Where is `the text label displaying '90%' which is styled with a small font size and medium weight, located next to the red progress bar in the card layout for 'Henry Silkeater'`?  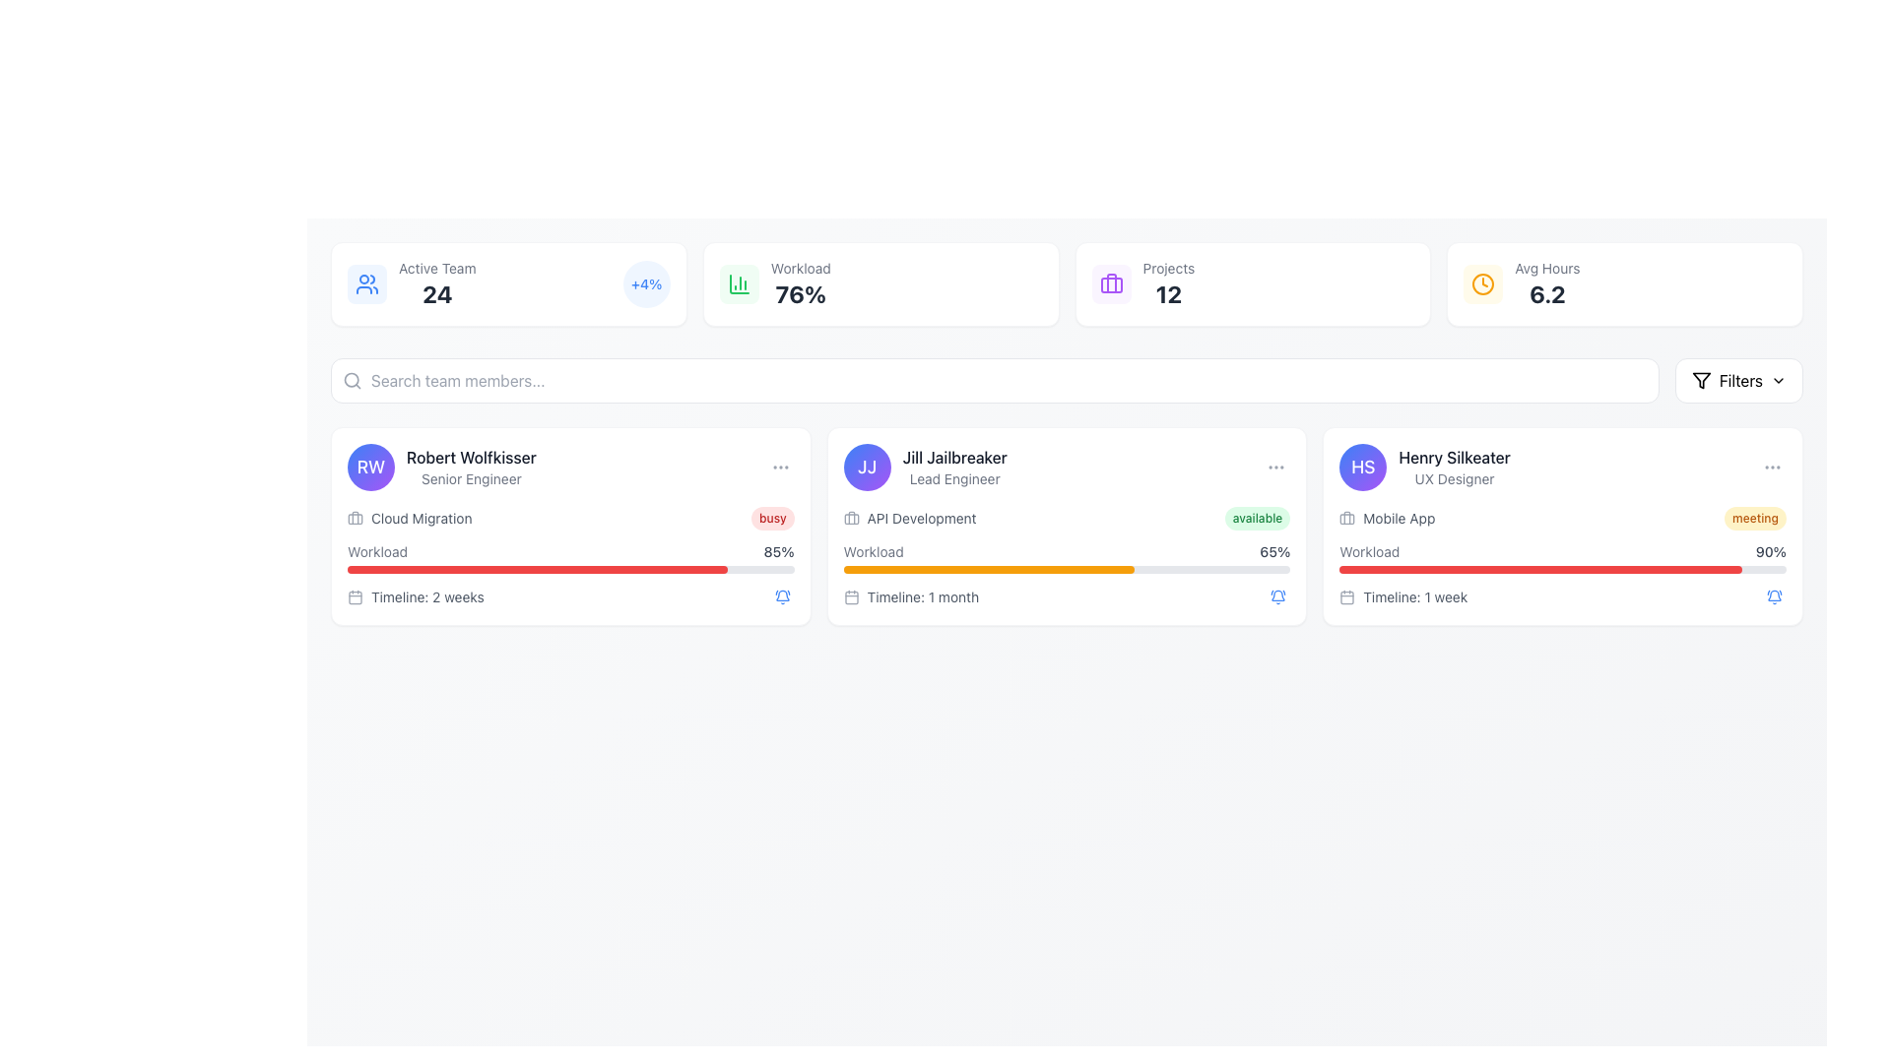 the text label displaying '90%' which is styled with a small font size and medium weight, located next to the red progress bar in the card layout for 'Henry Silkeater' is located at coordinates (1771, 551).